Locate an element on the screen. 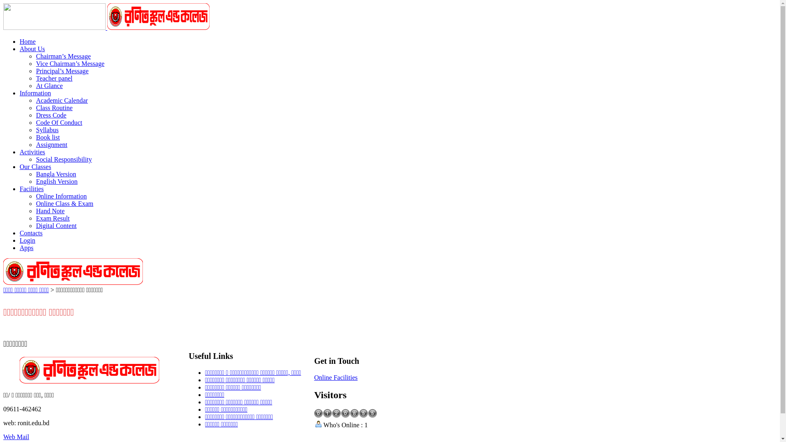  'Digital Content' is located at coordinates (56, 226).